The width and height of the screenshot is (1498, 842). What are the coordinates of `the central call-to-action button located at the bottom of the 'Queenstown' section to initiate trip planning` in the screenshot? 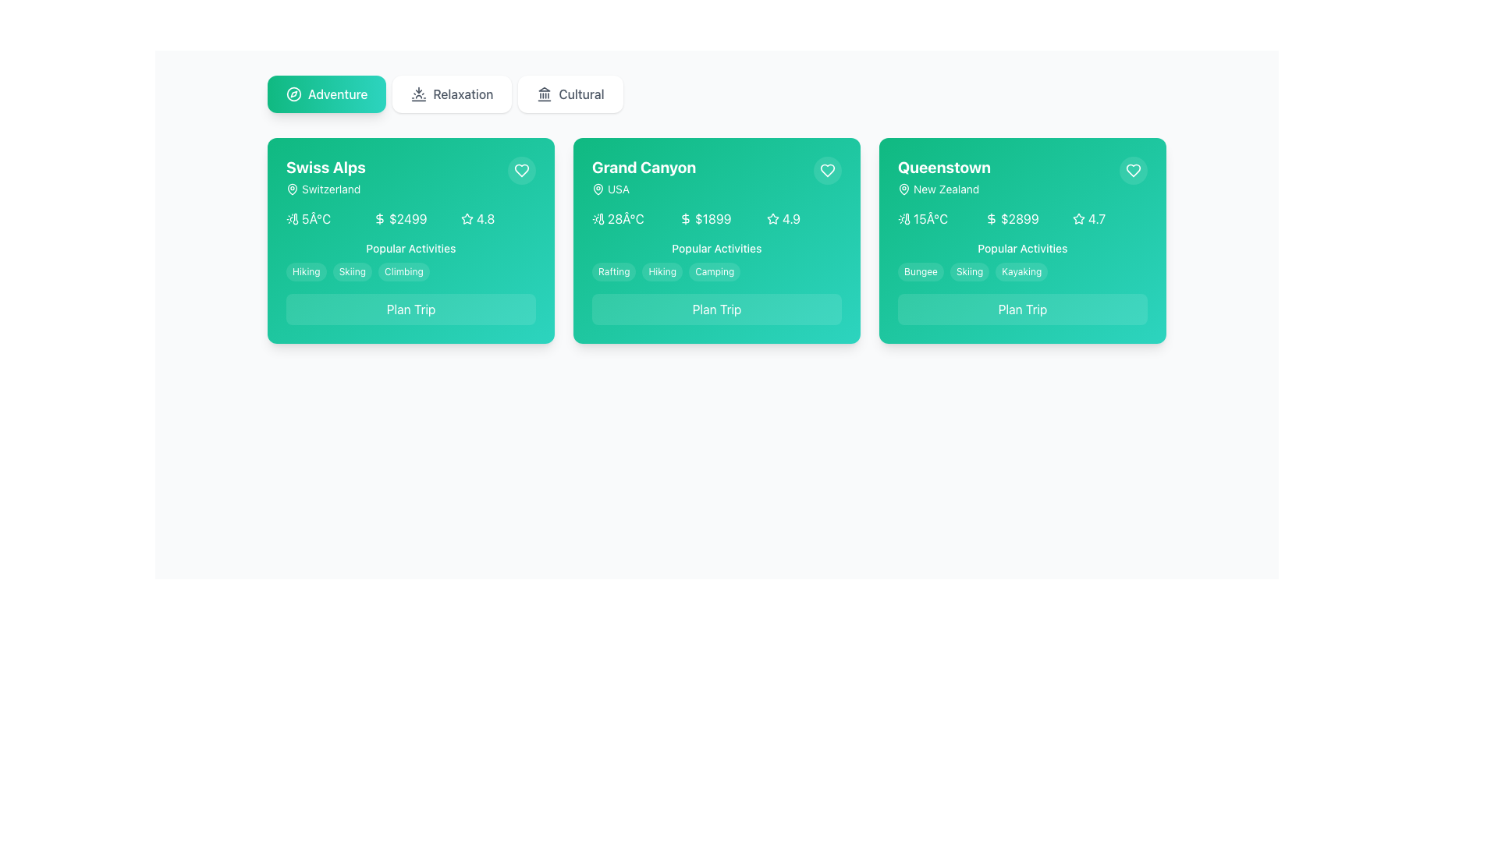 It's located at (1022, 310).